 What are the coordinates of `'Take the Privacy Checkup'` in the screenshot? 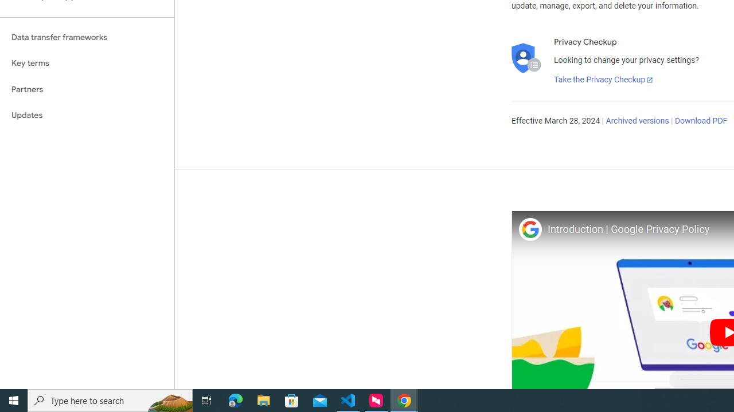 It's located at (603, 80).